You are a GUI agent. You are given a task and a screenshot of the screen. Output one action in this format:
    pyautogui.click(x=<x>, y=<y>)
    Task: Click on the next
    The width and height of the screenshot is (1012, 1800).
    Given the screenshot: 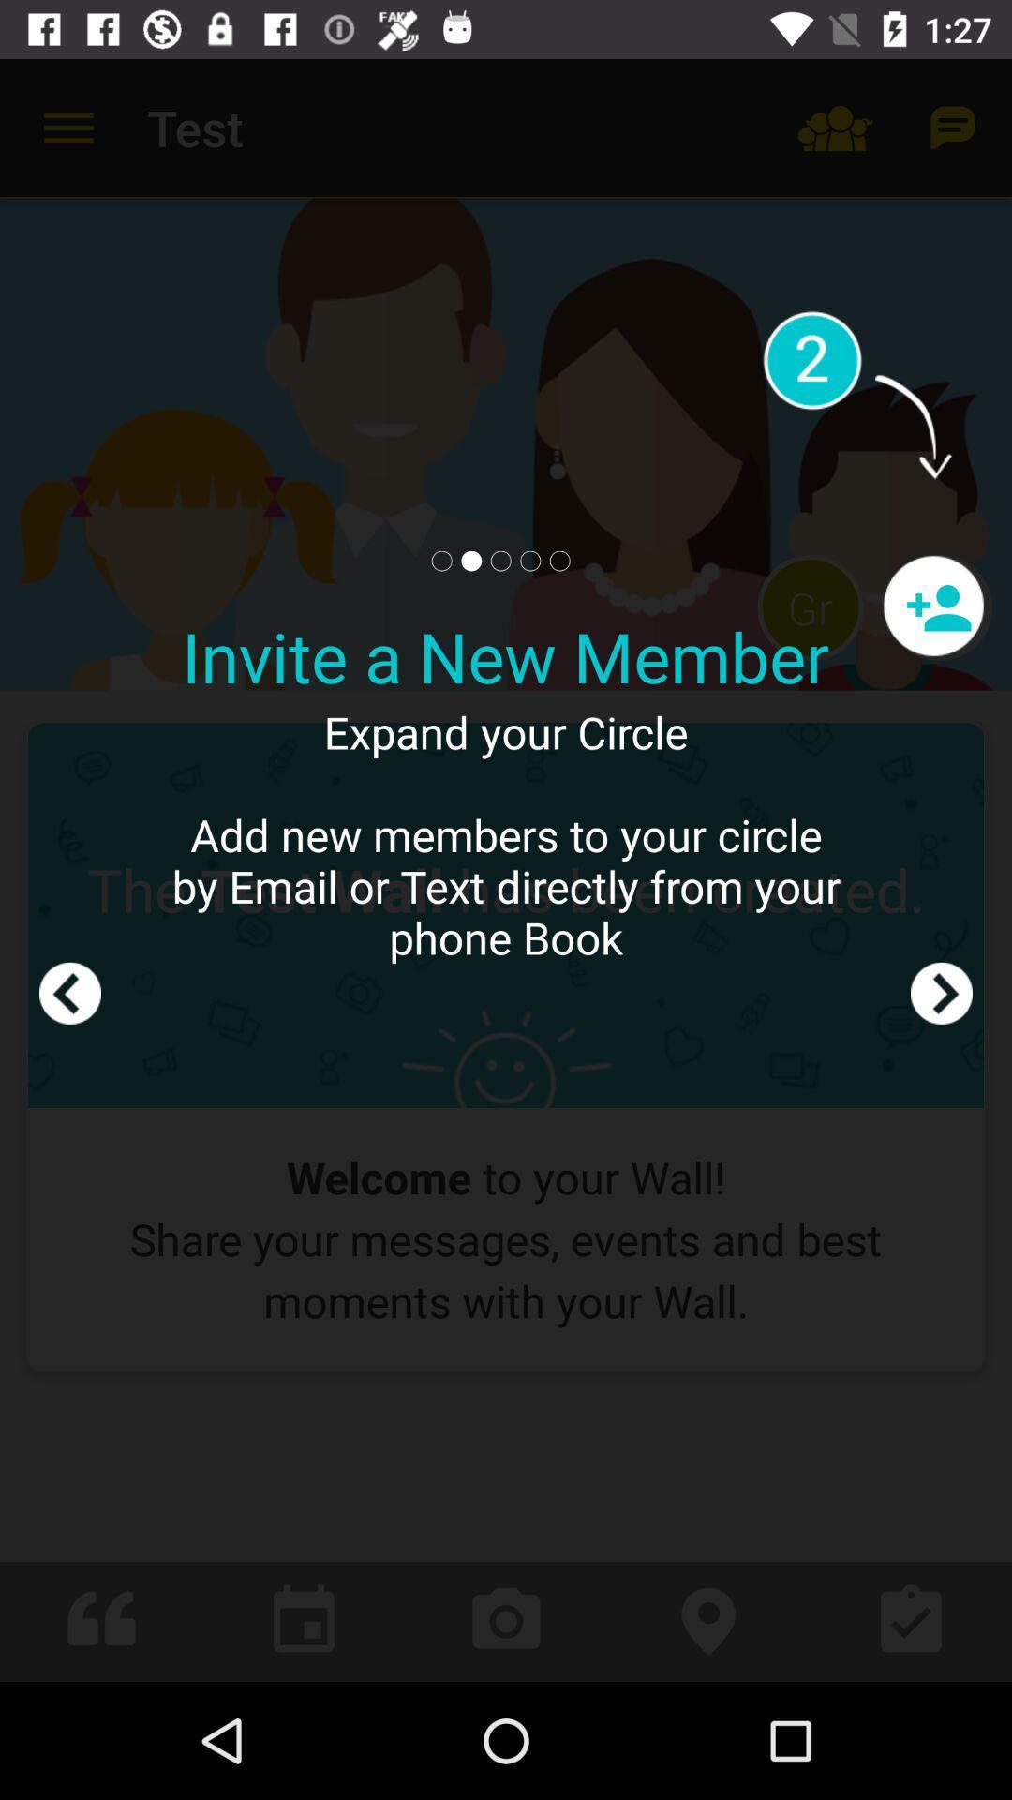 What is the action you would take?
    pyautogui.click(x=942, y=869)
    